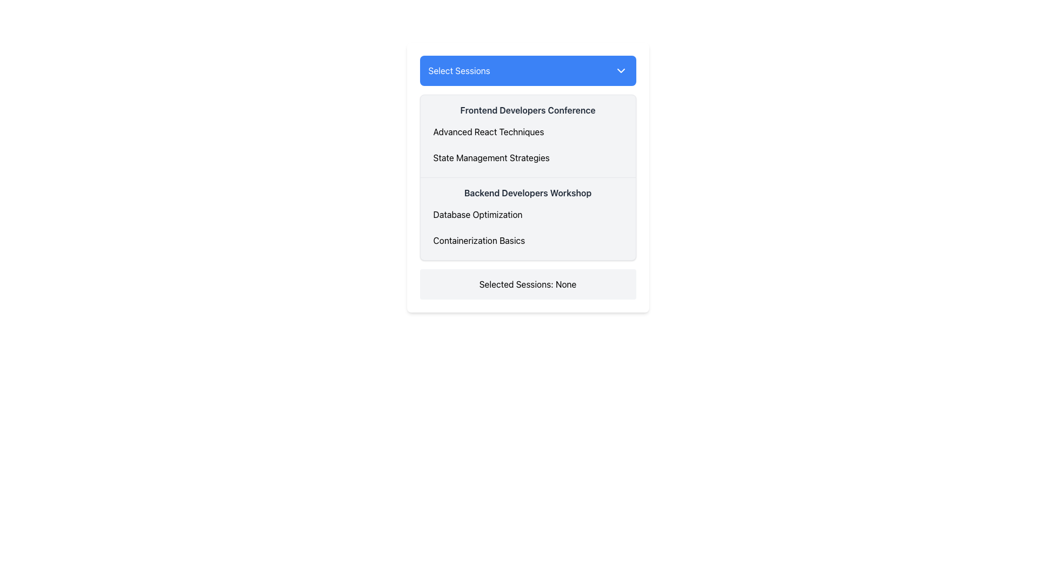 The image size is (1038, 584). Describe the element at coordinates (528, 193) in the screenshot. I see `the third Text Display Label that displays the name of a workshop, located between 'State Management Strategies' and 'Database Optimization'` at that location.